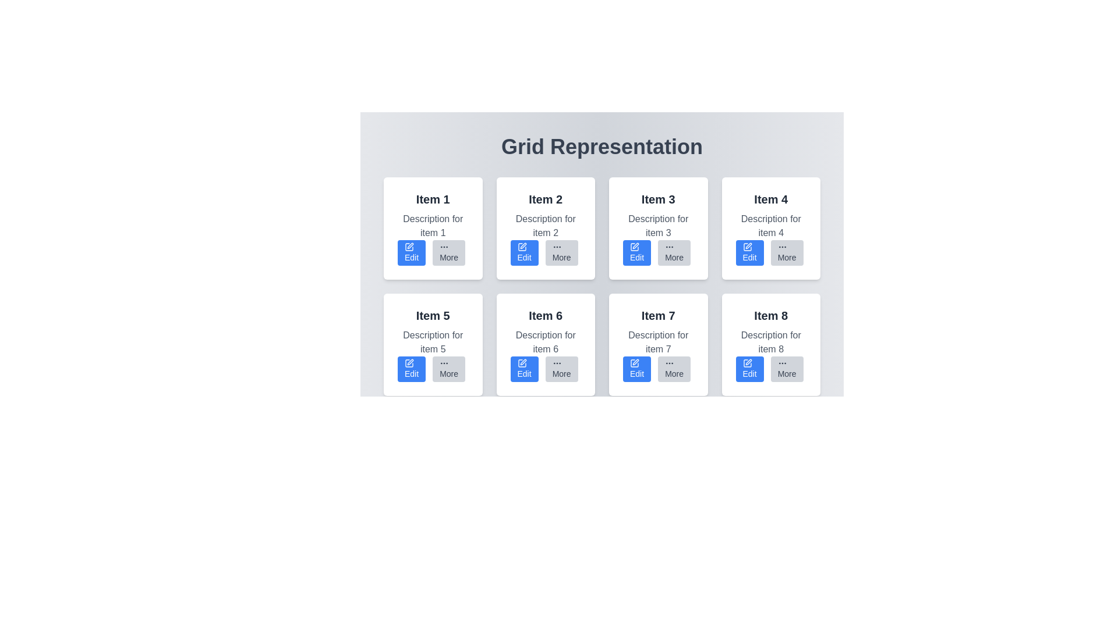 Image resolution: width=1118 pixels, height=628 pixels. Describe the element at coordinates (448, 252) in the screenshot. I see `the 'More' button located at the bottom-right corner of the 'Item 1' UI card to show more options` at that location.